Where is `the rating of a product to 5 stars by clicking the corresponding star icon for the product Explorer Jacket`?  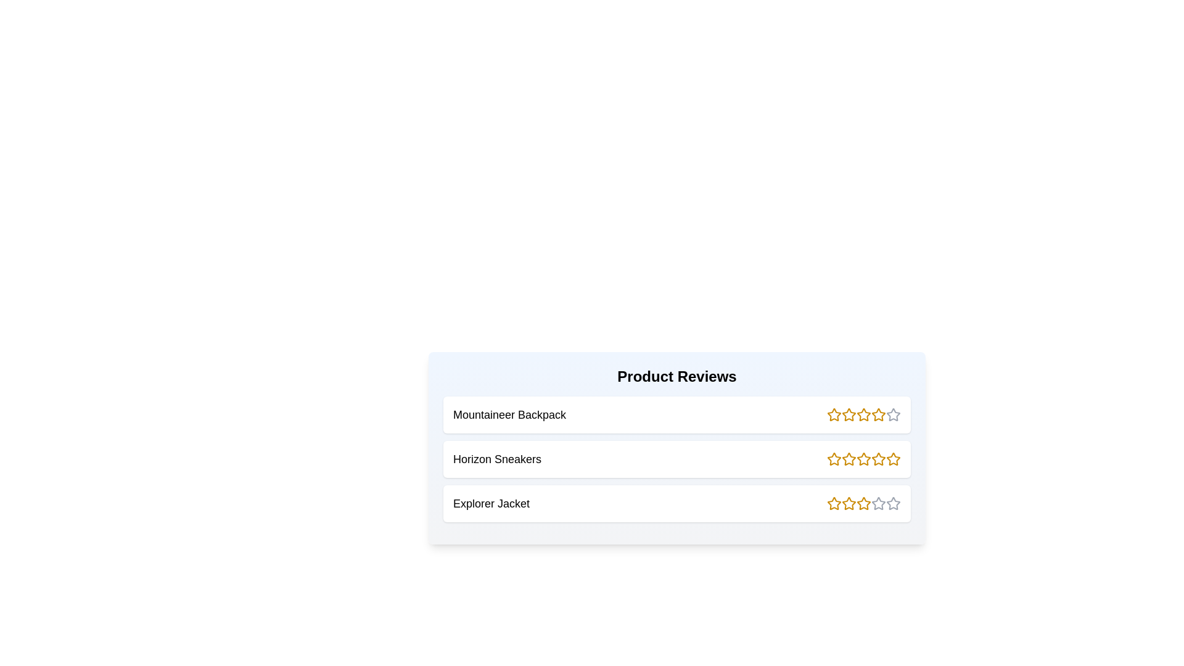 the rating of a product to 5 stars by clicking the corresponding star icon for the product Explorer Jacket is located at coordinates (894, 504).